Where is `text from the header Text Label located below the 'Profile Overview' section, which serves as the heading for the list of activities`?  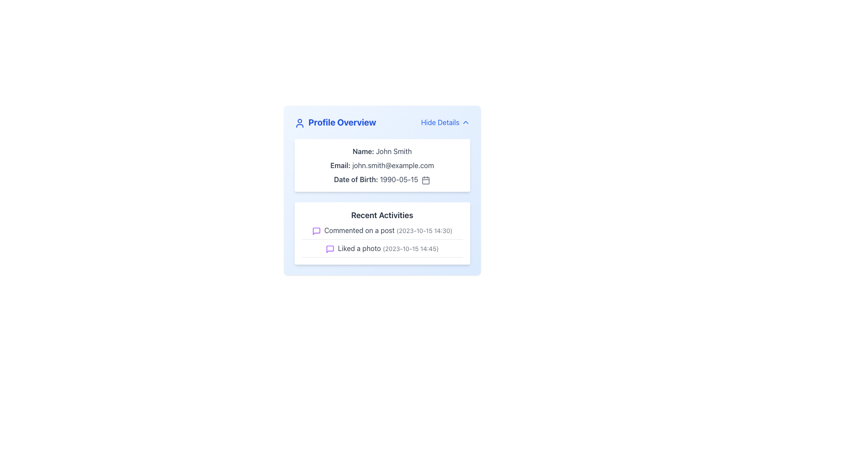 text from the header Text Label located below the 'Profile Overview' section, which serves as the heading for the list of activities is located at coordinates (382, 215).